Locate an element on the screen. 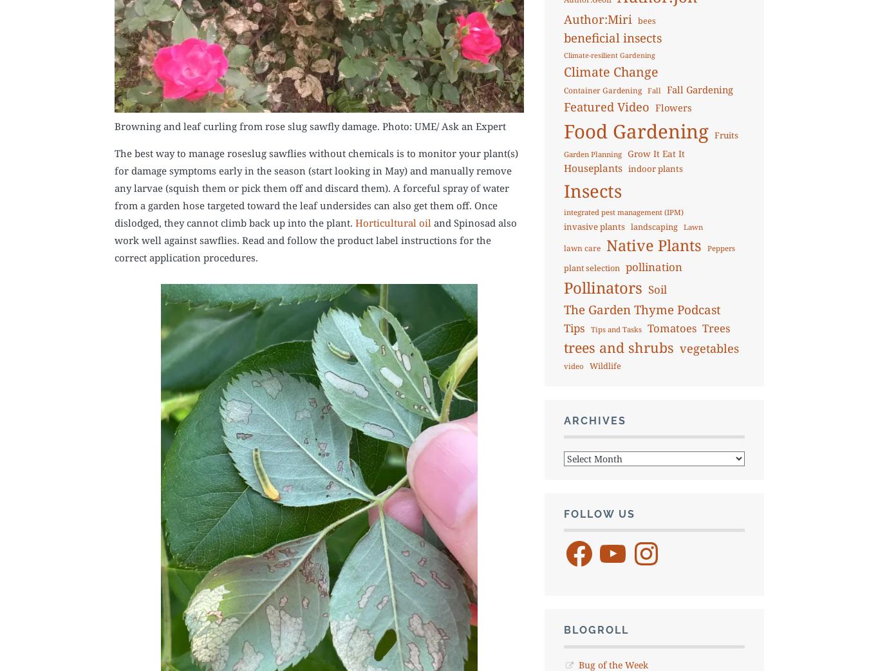 The height and width of the screenshot is (671, 869). 'invasive plants' is located at coordinates (593, 225).